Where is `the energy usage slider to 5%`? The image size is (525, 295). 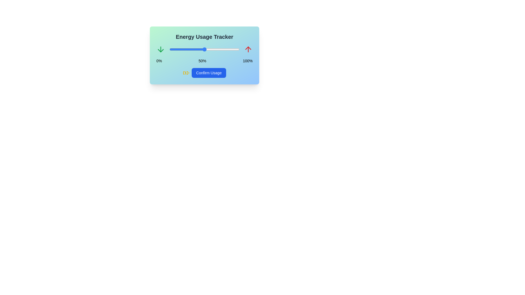 the energy usage slider to 5% is located at coordinates (173, 49).